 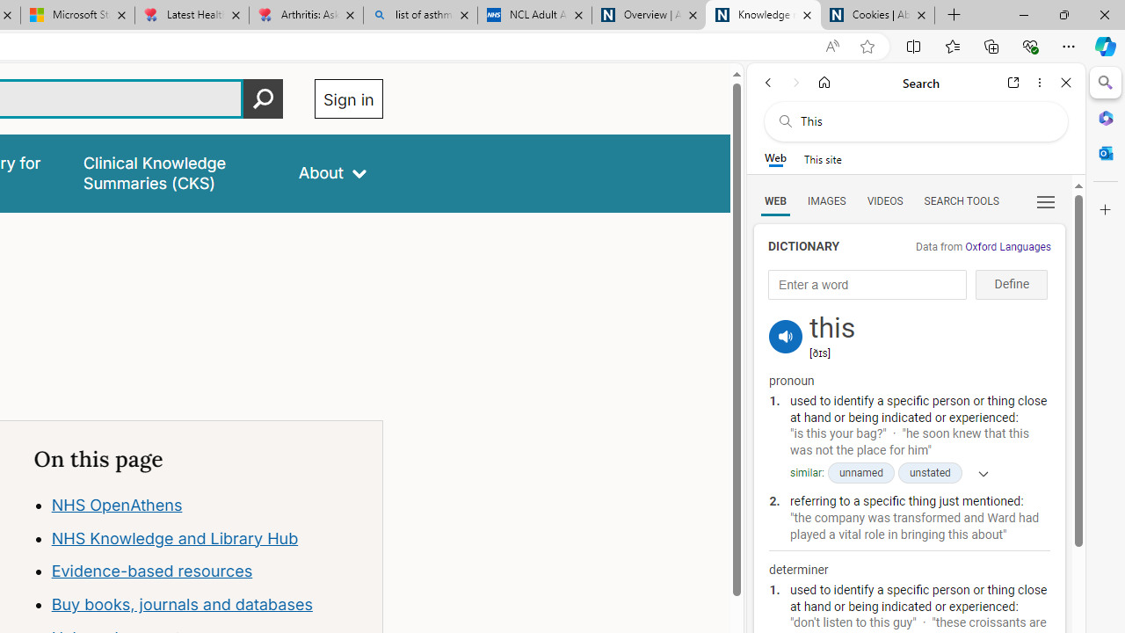 I want to click on 'Cookies | About | NICE', so click(x=878, y=15).